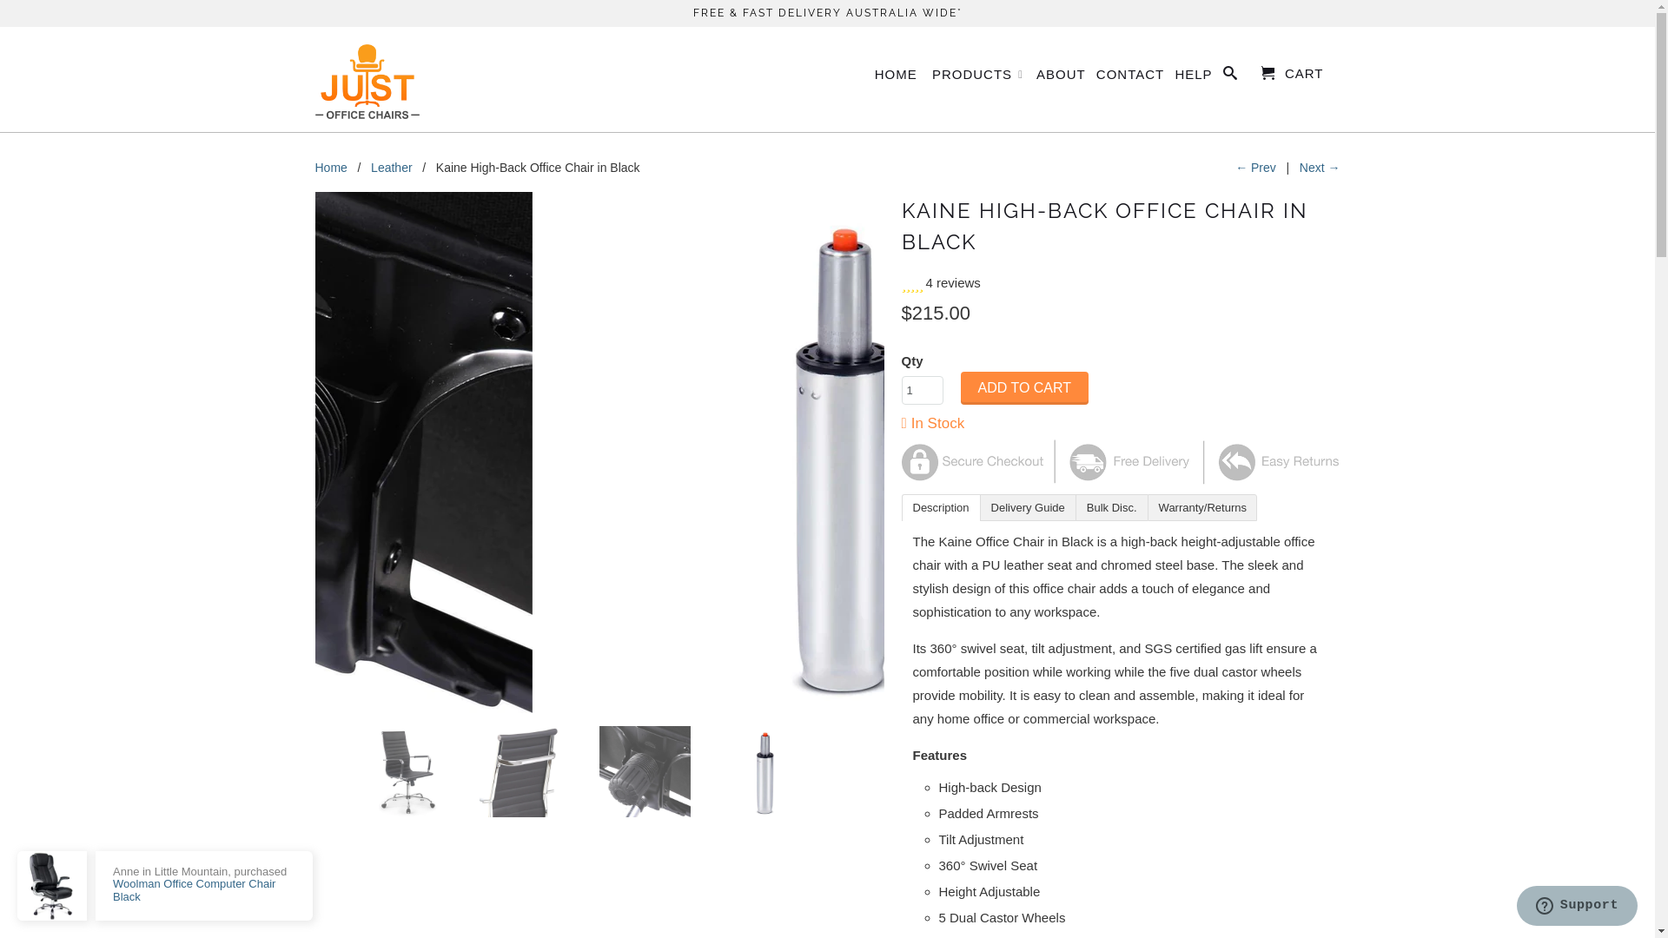 This screenshot has height=938, width=1668. What do you see at coordinates (875, 76) in the screenshot?
I see `'HOME'` at bounding box center [875, 76].